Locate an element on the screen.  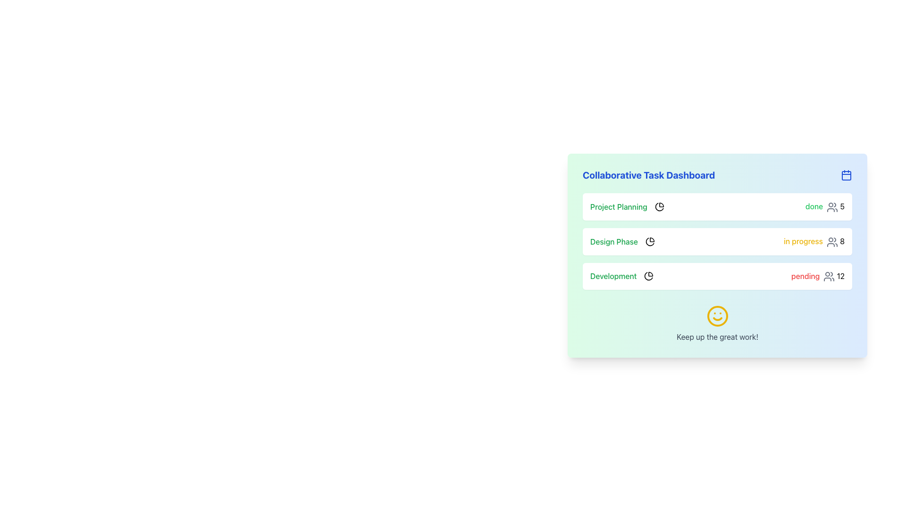
the text element that displays 'Keep up the great work!' styled with a gray font color, located below a yellow smiling face icon in the feedback summary section of the dashboard is located at coordinates (717, 337).